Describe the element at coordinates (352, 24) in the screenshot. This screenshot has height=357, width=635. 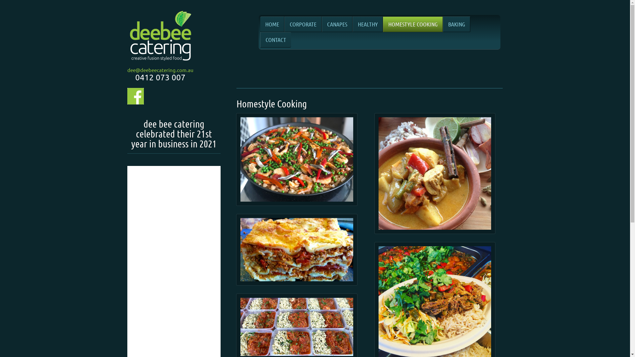
I see `'HEALTHY'` at that location.